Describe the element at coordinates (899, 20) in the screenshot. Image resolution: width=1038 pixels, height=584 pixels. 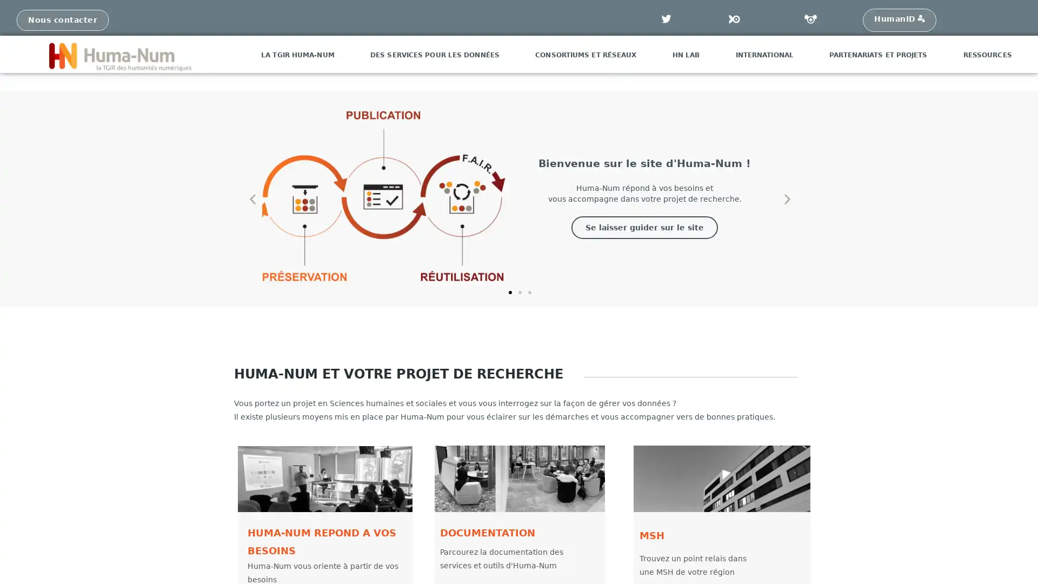
I see `HumanID` at that location.